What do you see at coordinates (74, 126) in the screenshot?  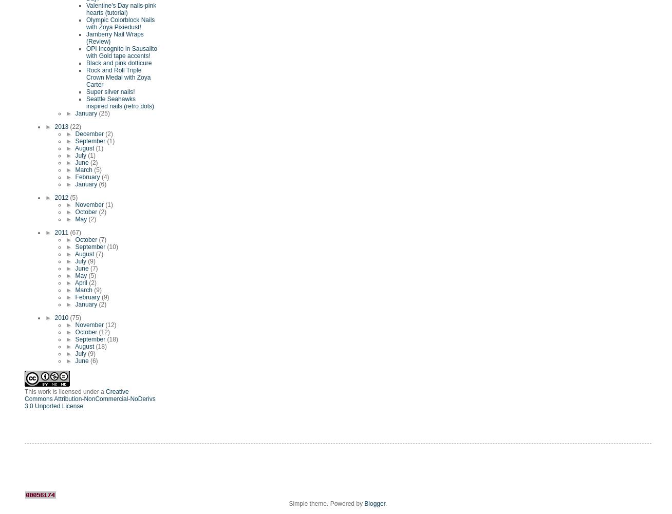 I see `'(22)'` at bounding box center [74, 126].